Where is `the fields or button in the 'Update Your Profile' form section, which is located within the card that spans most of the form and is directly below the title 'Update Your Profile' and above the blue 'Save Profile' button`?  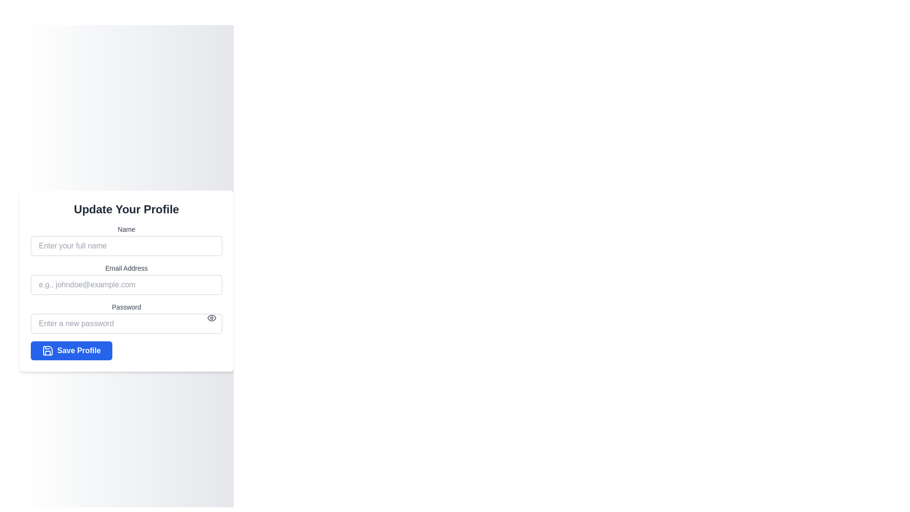
the fields or button in the 'Update Your Profile' form section, which is located within the card that spans most of the form and is directly below the title 'Update Your Profile' and above the blue 'Save Profile' button is located at coordinates (126, 292).